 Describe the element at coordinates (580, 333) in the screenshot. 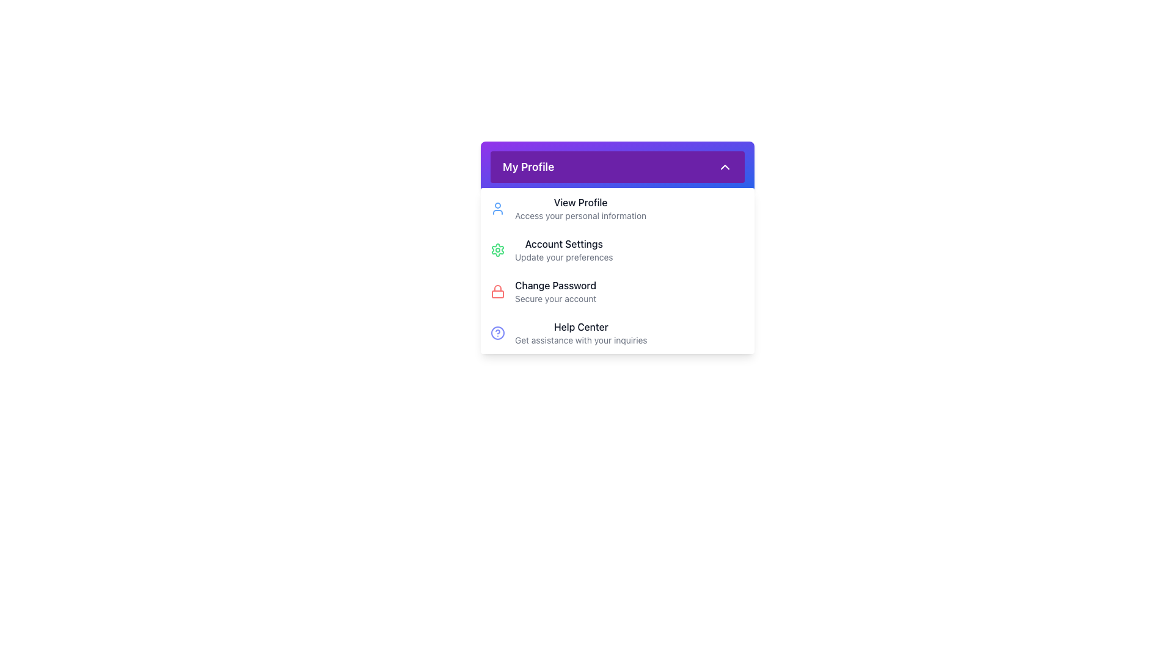

I see `the 'Help Center' text display, which is the fourth item in the dropdown menu under 'My Profile', styled with a bold black font and a smaller lighter gray font for the second line` at that location.